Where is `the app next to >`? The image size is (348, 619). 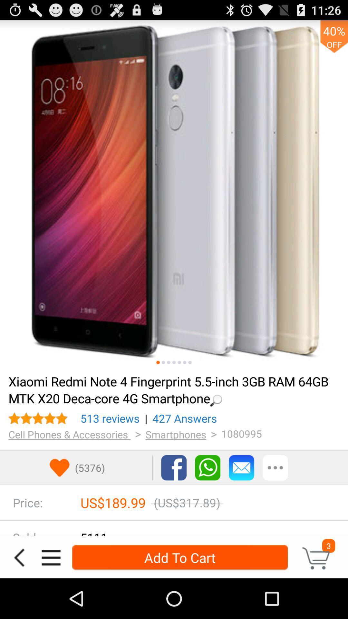
the app next to > is located at coordinates (176, 434).